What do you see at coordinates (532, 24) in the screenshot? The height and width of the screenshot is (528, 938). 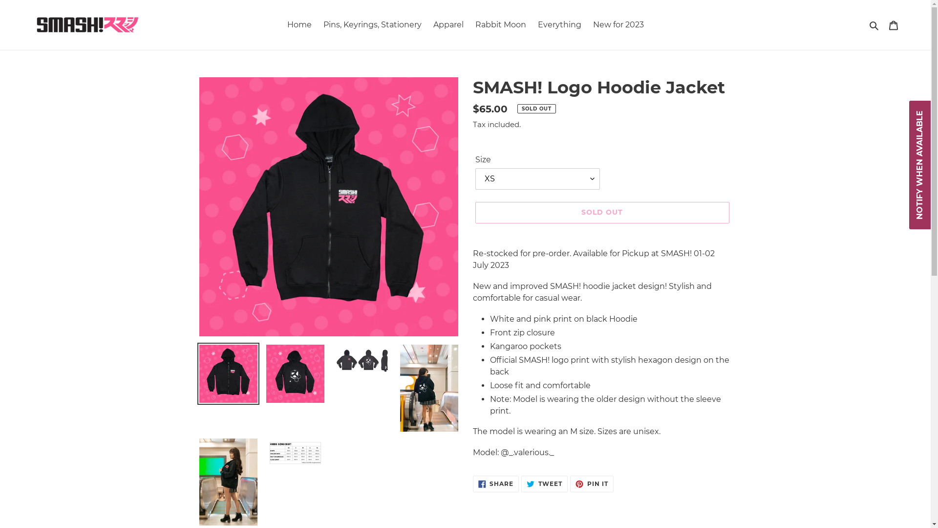 I see `'Everything'` at bounding box center [532, 24].